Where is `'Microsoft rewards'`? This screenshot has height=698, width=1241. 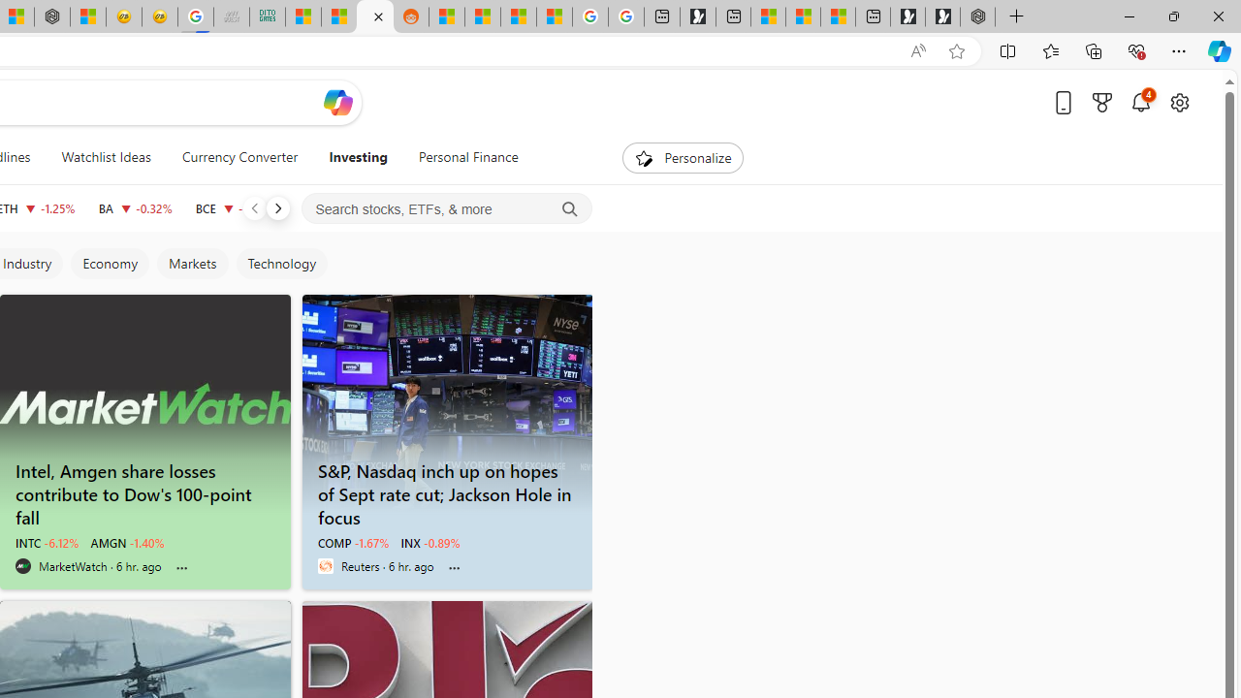 'Microsoft rewards' is located at coordinates (1102, 102).